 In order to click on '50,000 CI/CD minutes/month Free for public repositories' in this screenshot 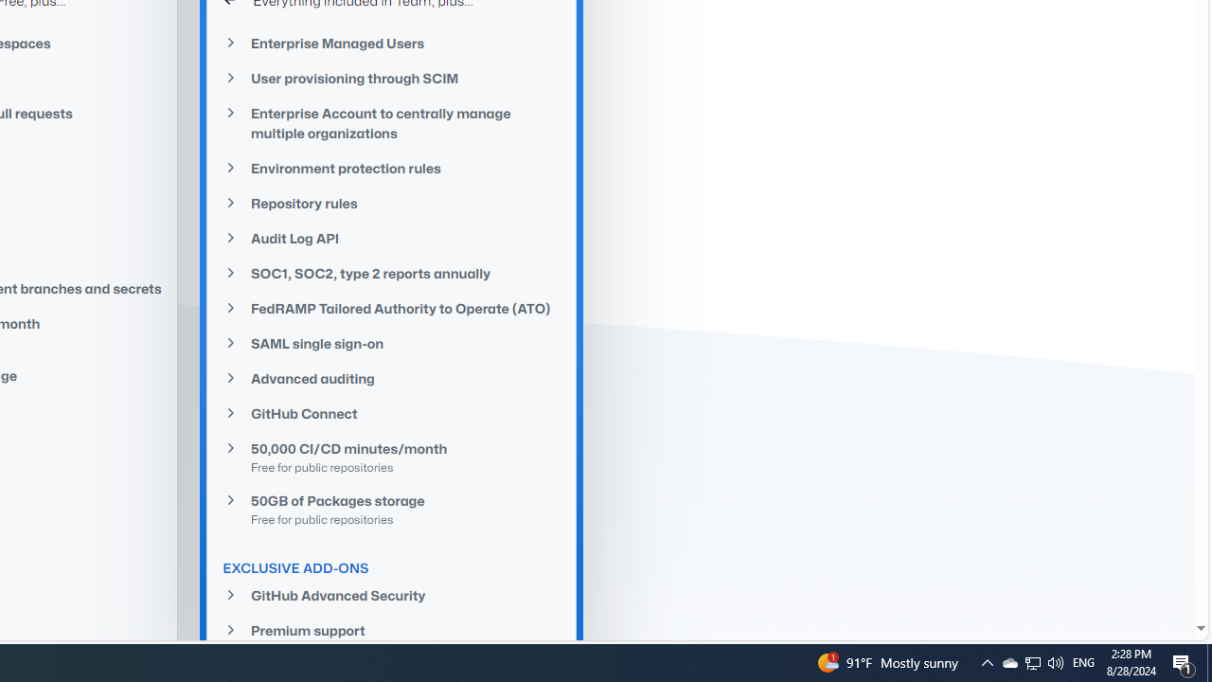, I will do `click(391, 458)`.